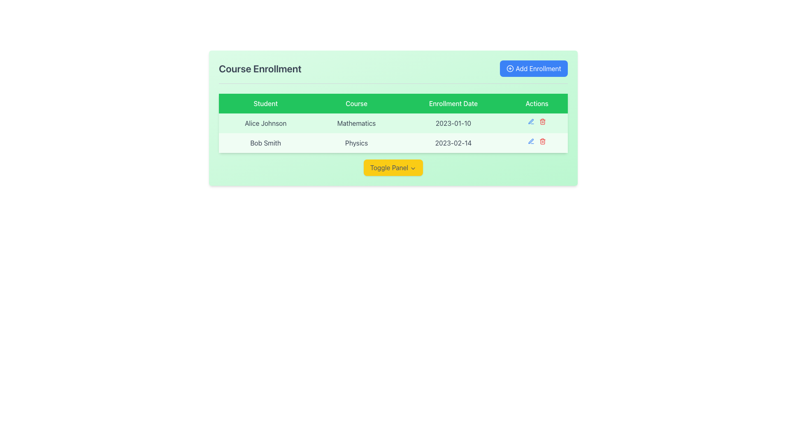 The image size is (790, 444). Describe the element at coordinates (510, 68) in the screenshot. I see `the 'Add Enrollment' button which contains an unfilled SVG circle icon located at the top-right corner of the UI component` at that location.